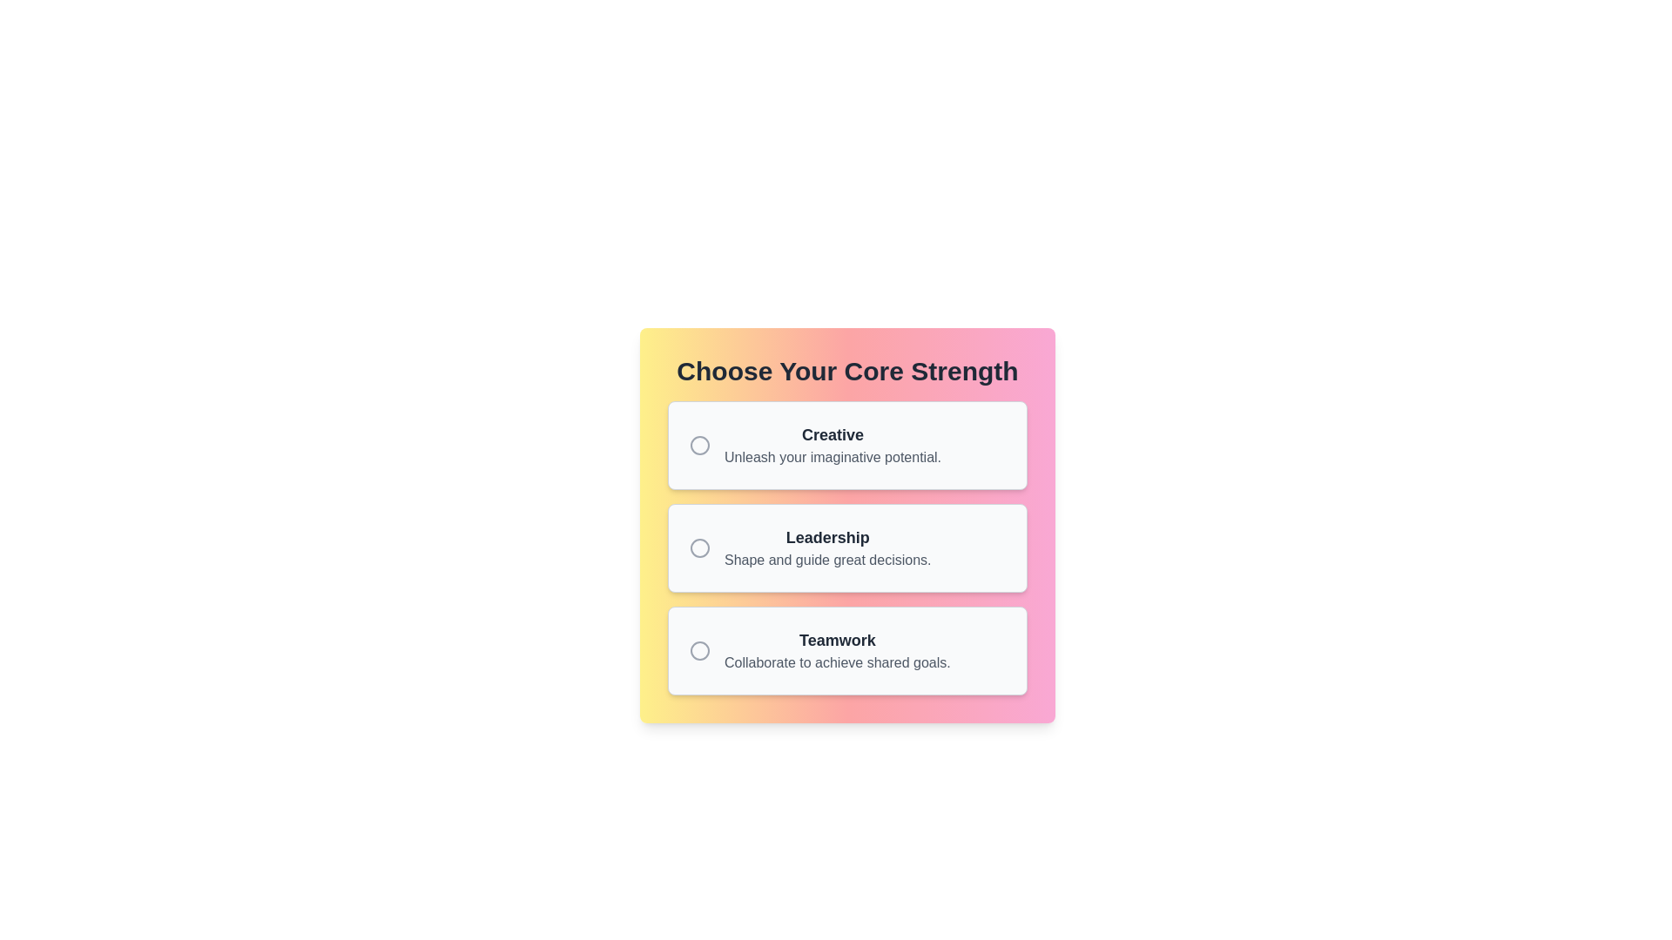 The width and height of the screenshot is (1672, 940). I want to click on the static text label displaying 'Leadership', which is the second option title in a list under 'Choose Your Core Strength', so click(826, 536).